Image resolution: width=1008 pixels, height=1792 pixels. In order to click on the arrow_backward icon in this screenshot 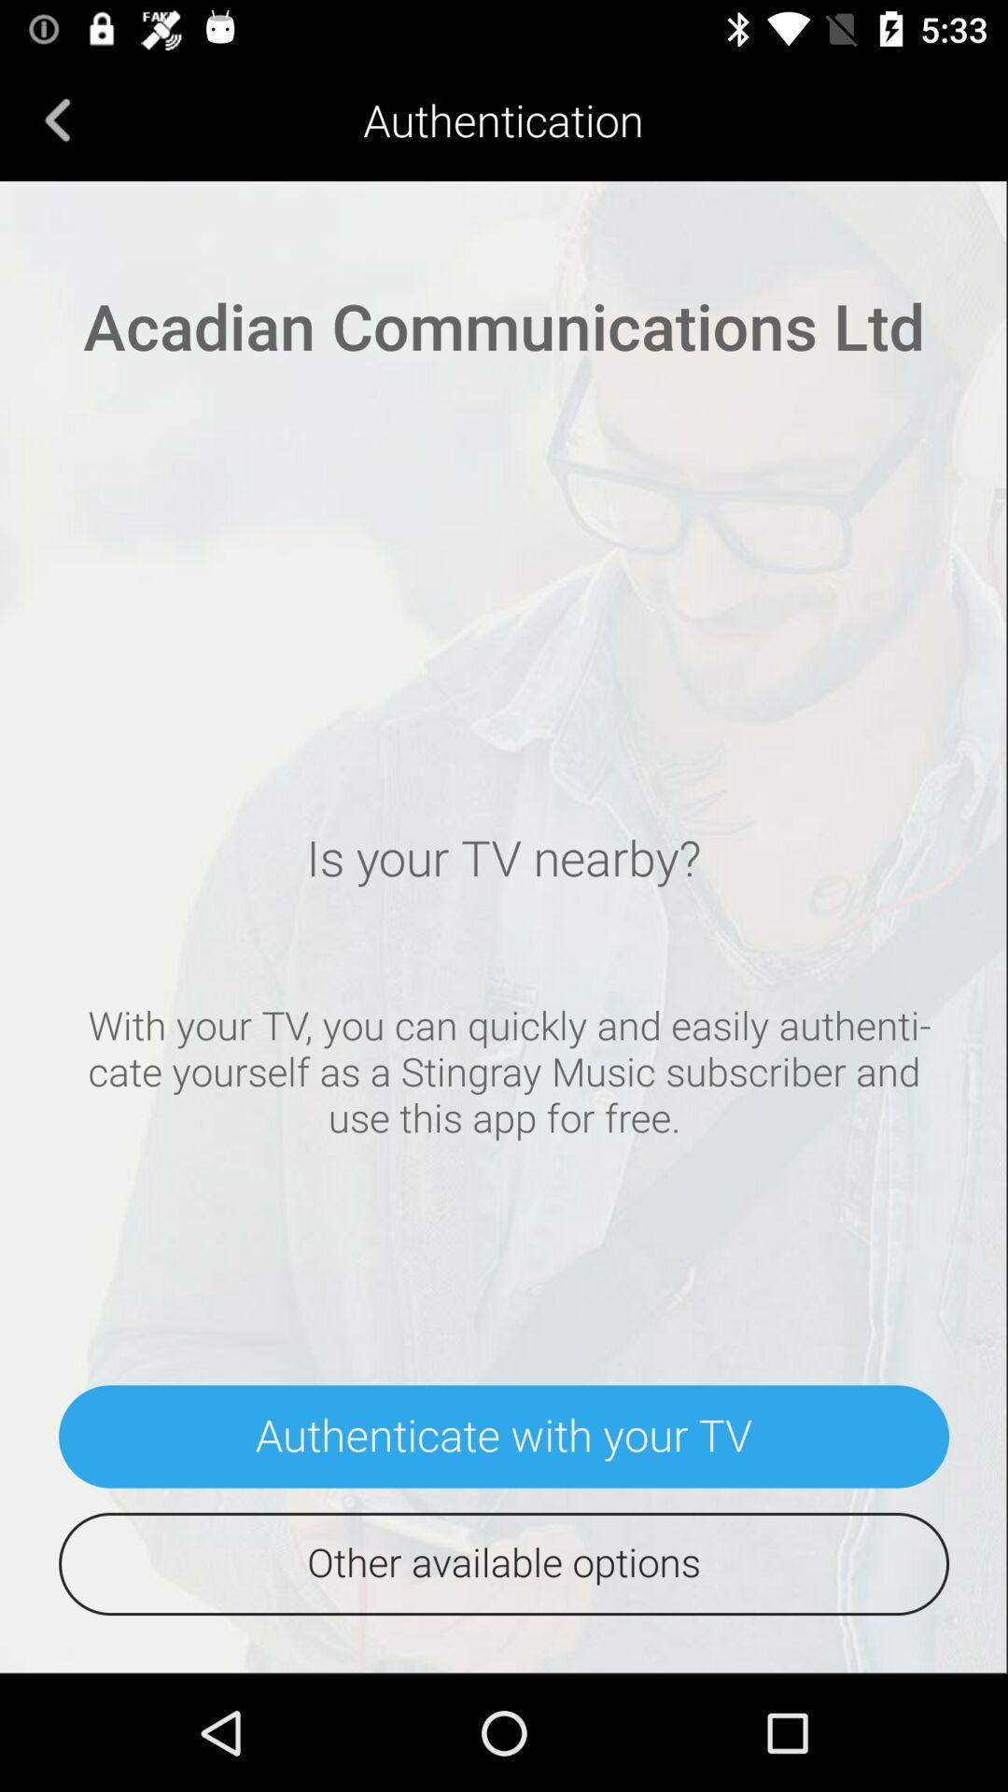, I will do `click(57, 119)`.